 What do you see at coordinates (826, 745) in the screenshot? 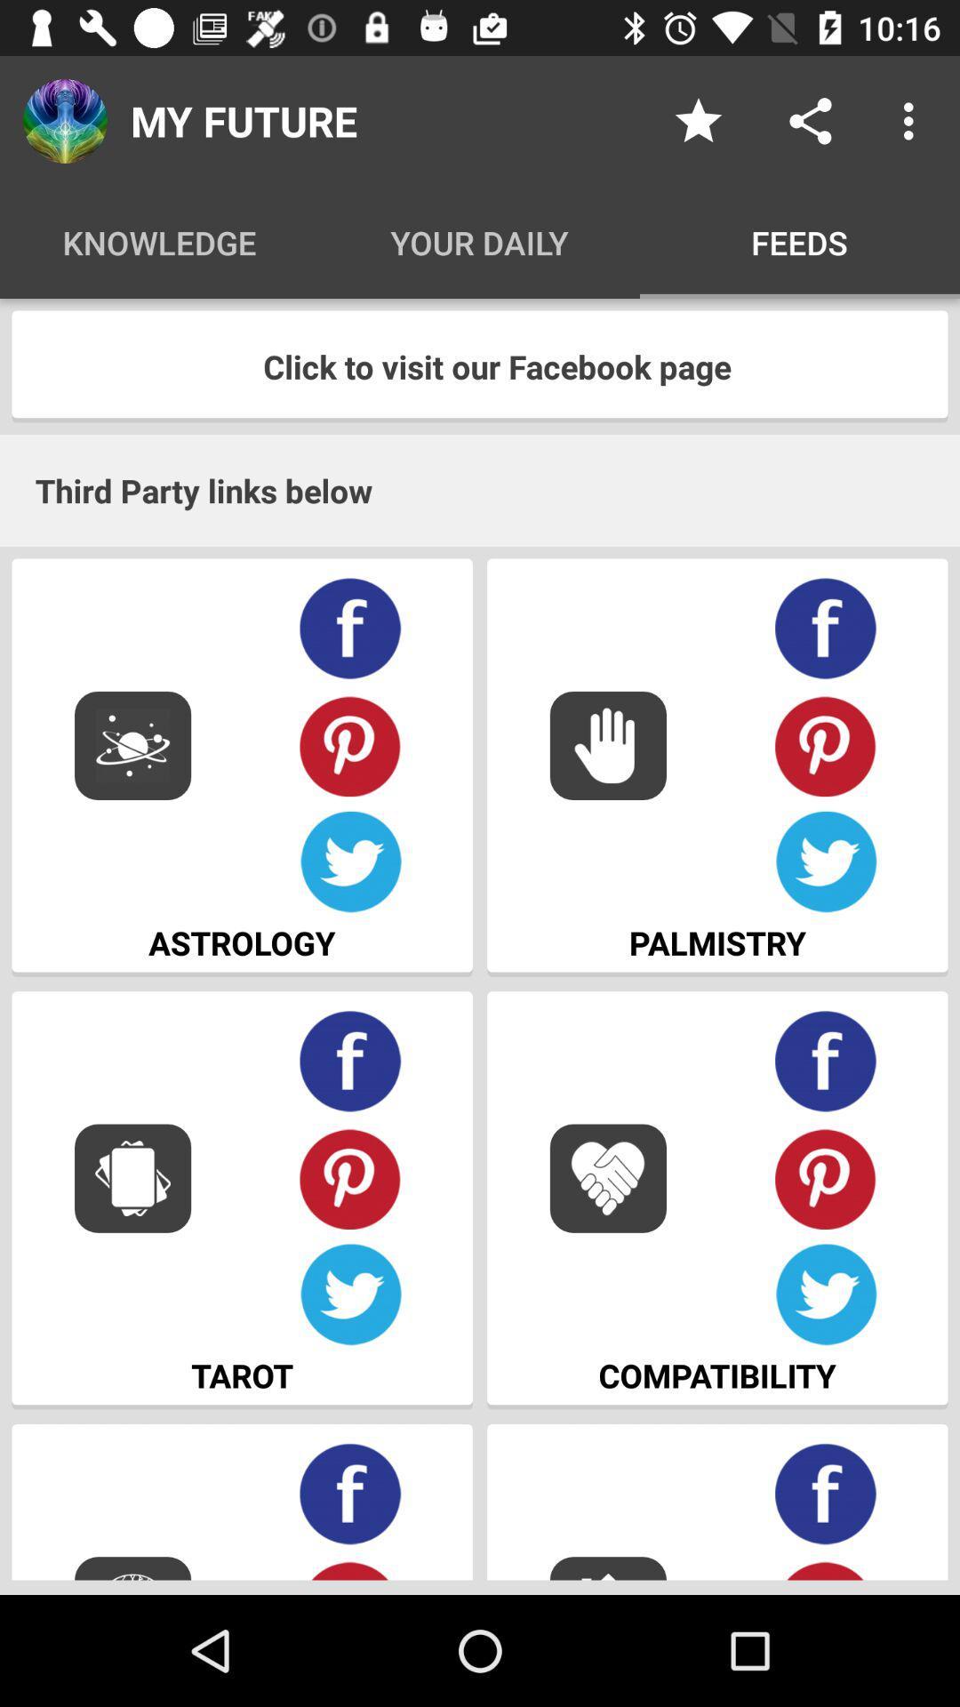
I see `pin to pinterest` at bounding box center [826, 745].